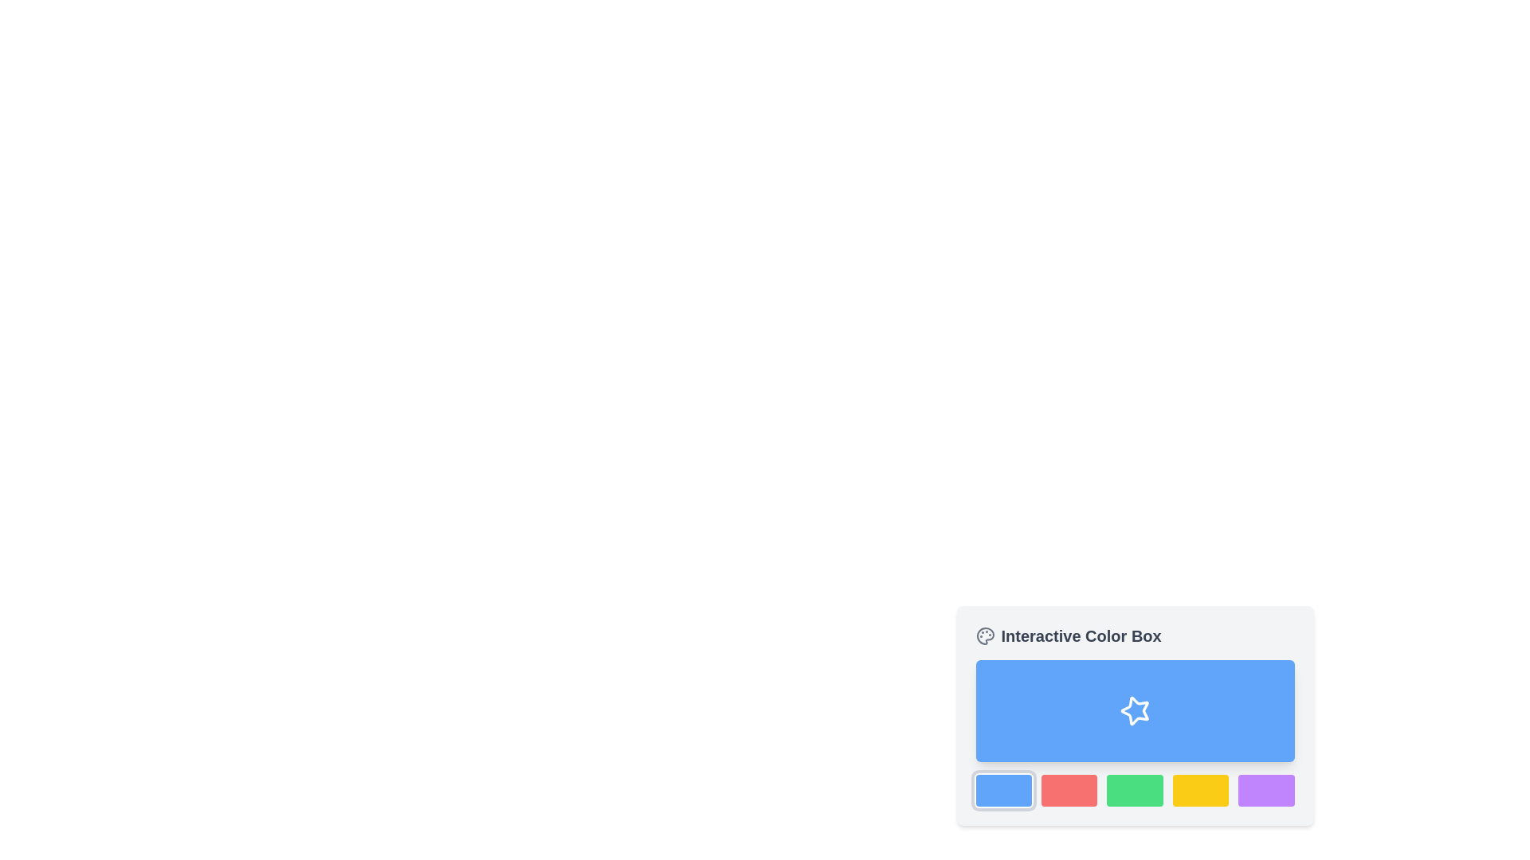 This screenshot has height=860, width=1530. What do you see at coordinates (1069, 790) in the screenshot?
I see `the second button in the color selection interface` at bounding box center [1069, 790].